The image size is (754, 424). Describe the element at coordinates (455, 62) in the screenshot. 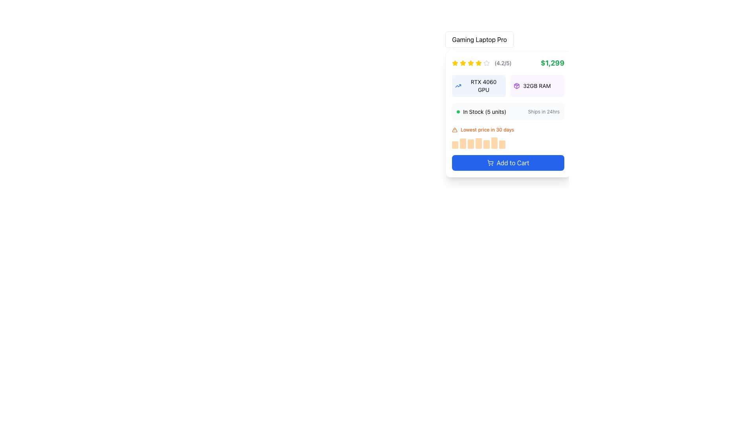

I see `the star icon representing the product rating in the upper-left corner of the product card` at that location.